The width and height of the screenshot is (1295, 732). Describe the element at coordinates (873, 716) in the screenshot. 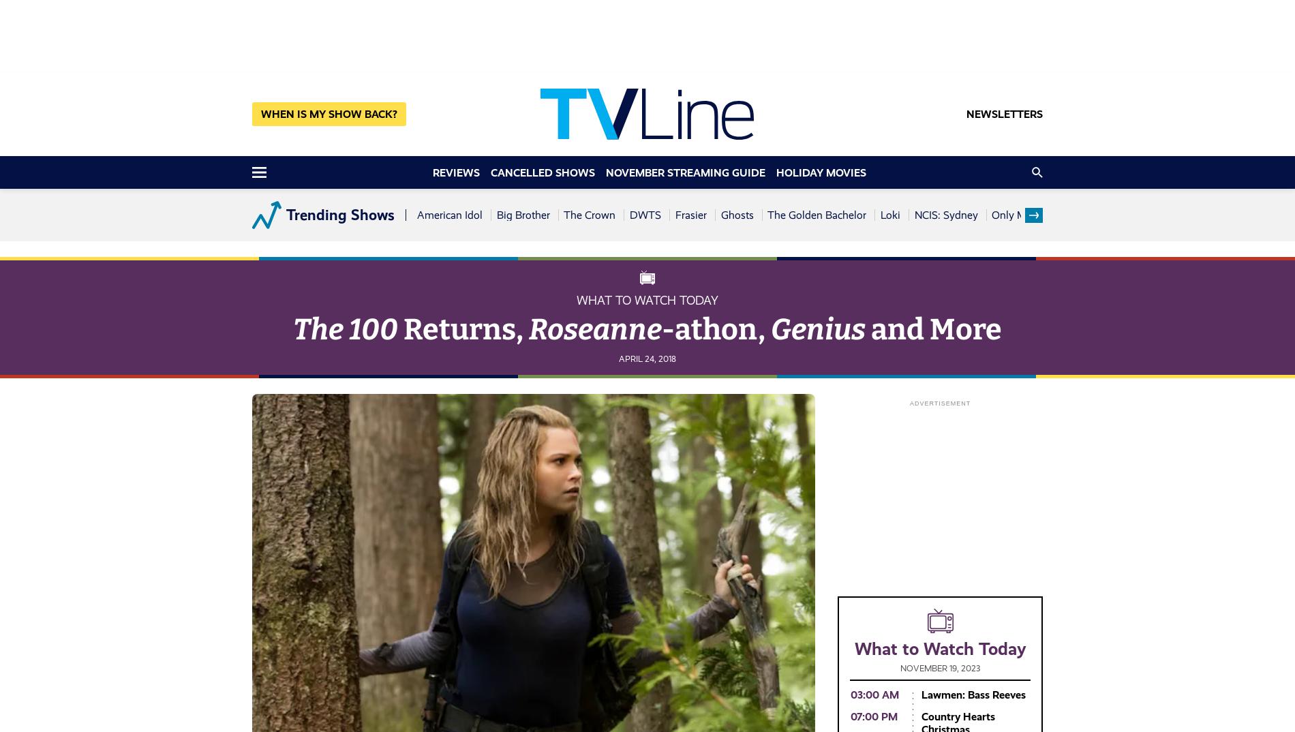

I see `'07:00 PM'` at that location.